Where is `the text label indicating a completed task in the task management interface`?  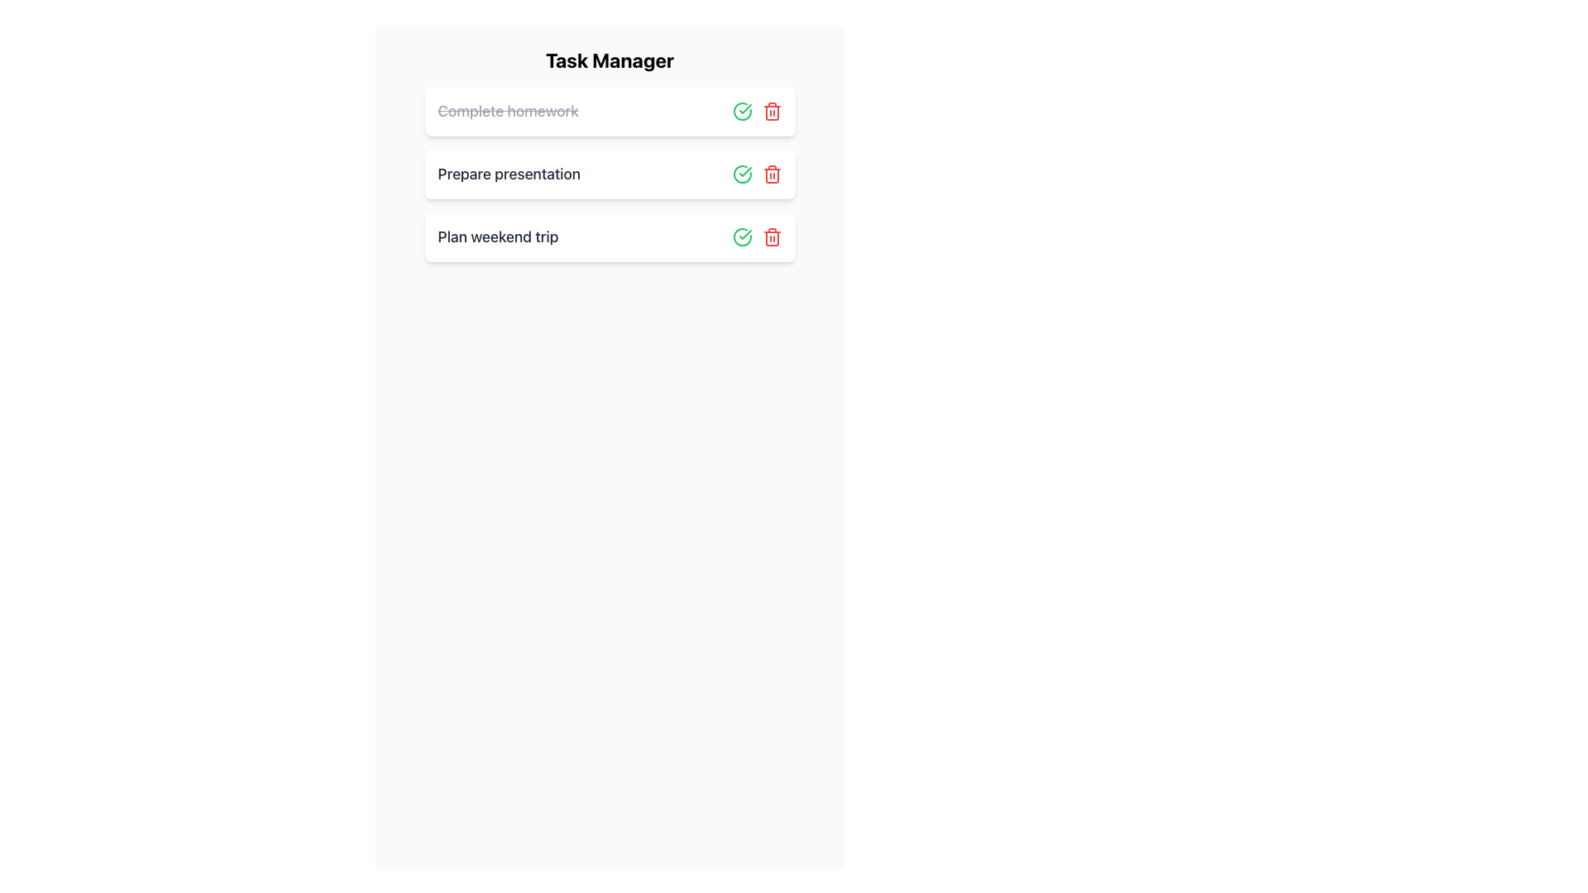 the text label indicating a completed task in the task management interface is located at coordinates (507, 111).